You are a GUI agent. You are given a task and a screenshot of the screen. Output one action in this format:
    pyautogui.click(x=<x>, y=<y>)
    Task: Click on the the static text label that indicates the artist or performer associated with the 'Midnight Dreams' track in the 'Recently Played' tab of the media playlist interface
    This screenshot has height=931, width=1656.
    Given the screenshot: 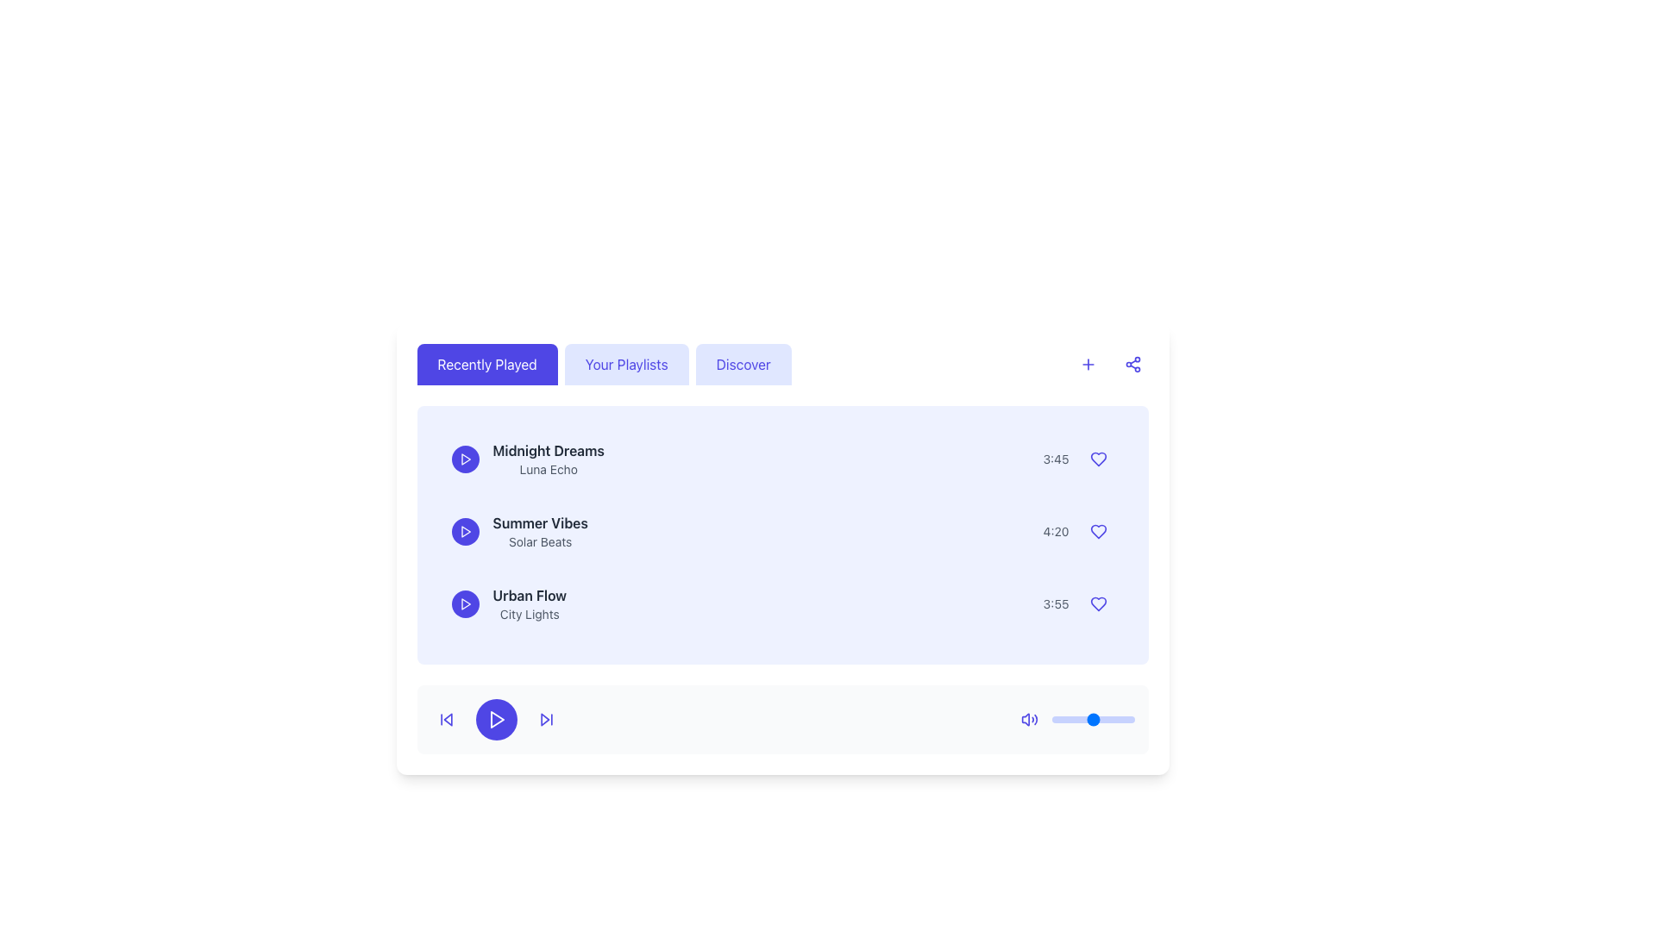 What is the action you would take?
    pyautogui.click(x=548, y=469)
    